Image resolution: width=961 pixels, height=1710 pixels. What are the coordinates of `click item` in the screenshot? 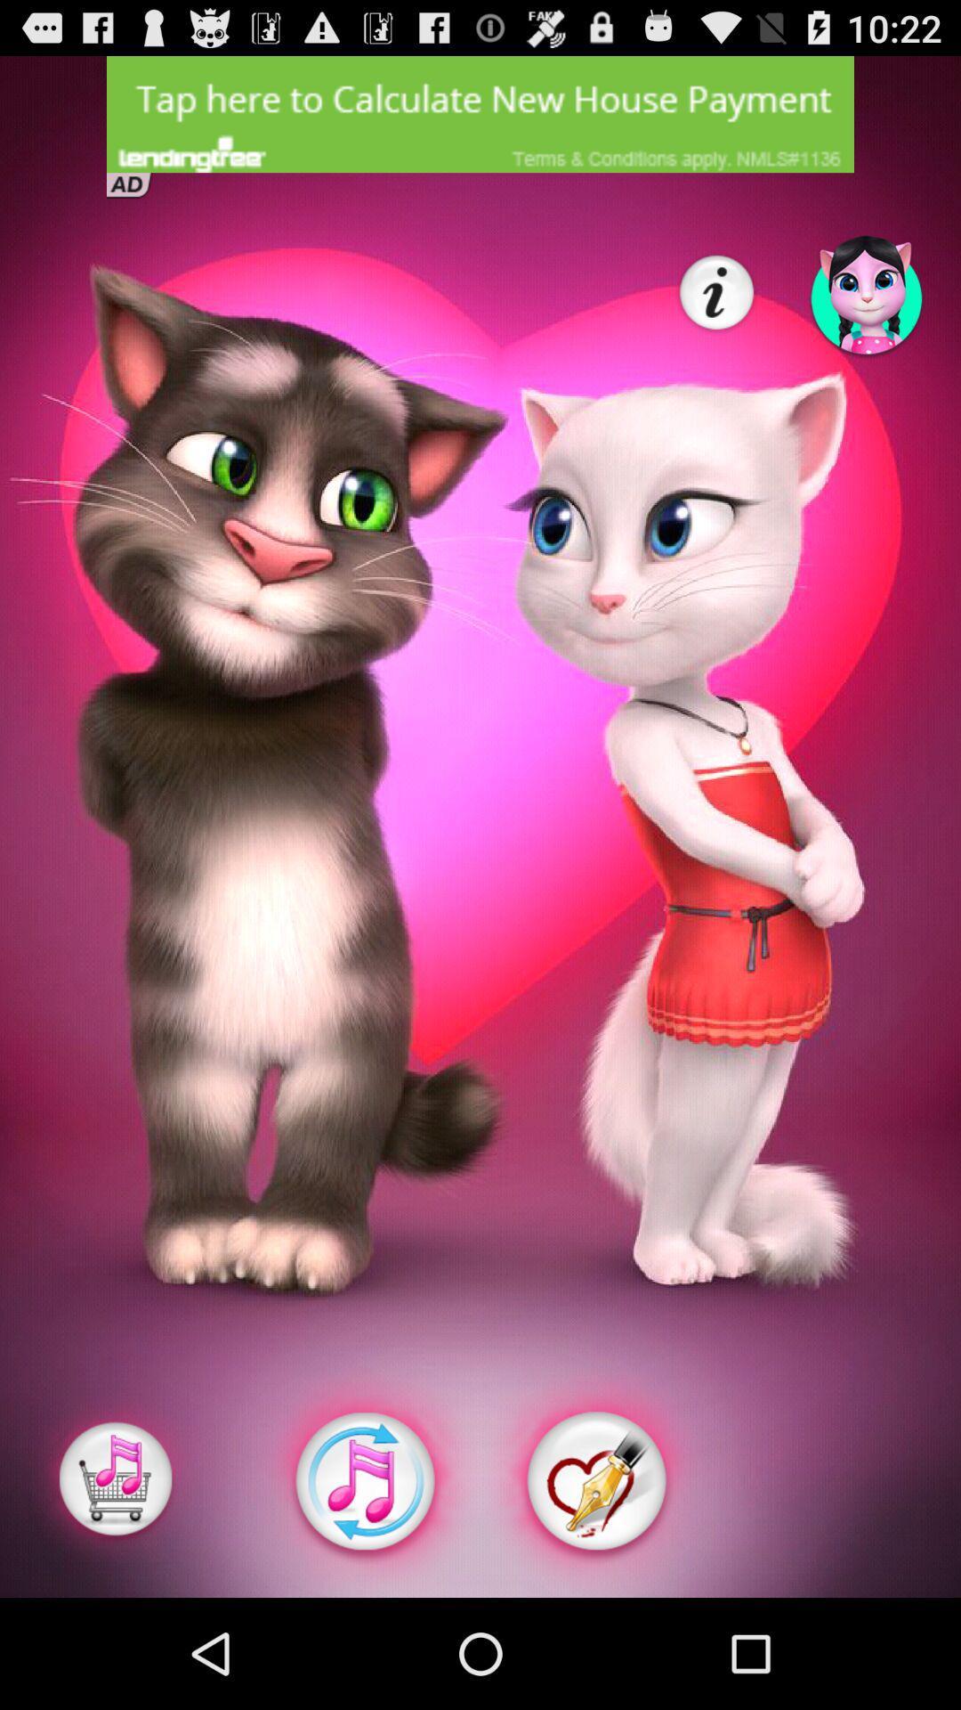 It's located at (116, 1481).